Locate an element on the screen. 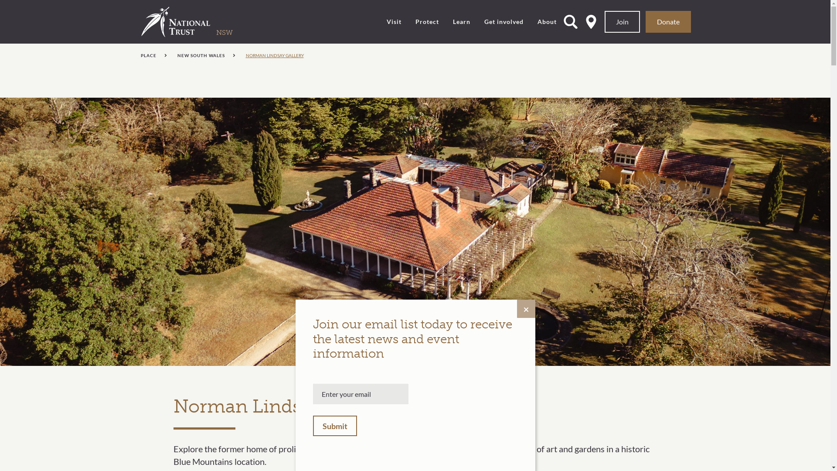  'Protect' is located at coordinates (427, 21).